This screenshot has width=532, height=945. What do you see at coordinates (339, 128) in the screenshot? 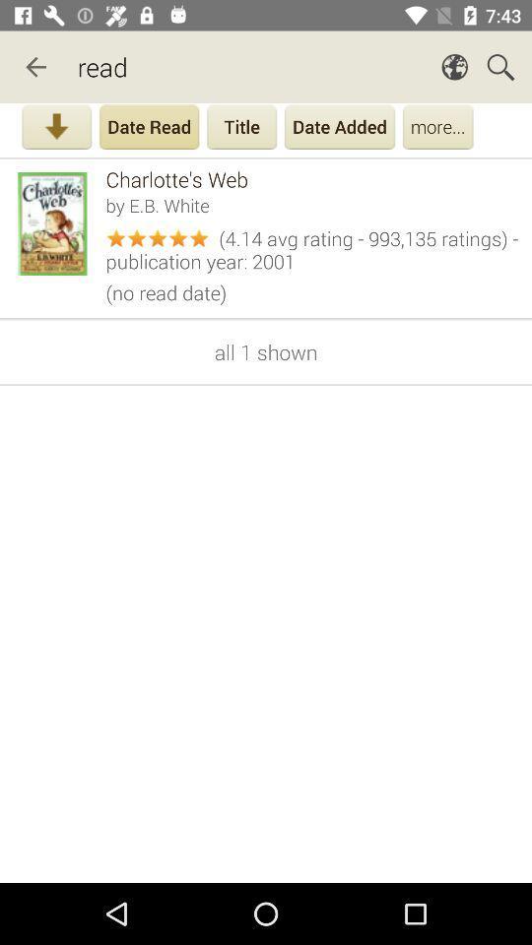
I see `item to the left of more... icon` at bounding box center [339, 128].